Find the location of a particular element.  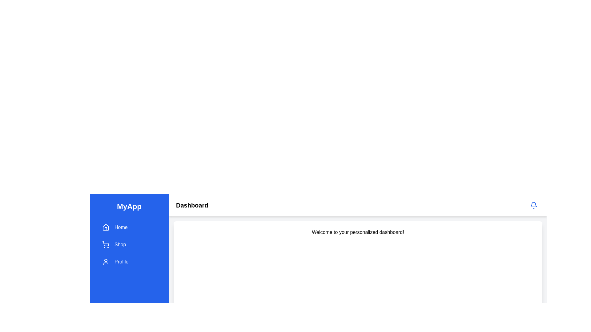

the Text Label that serves as a title or heading at the top left of the interface, providing context for the dashboard is located at coordinates (192, 205).